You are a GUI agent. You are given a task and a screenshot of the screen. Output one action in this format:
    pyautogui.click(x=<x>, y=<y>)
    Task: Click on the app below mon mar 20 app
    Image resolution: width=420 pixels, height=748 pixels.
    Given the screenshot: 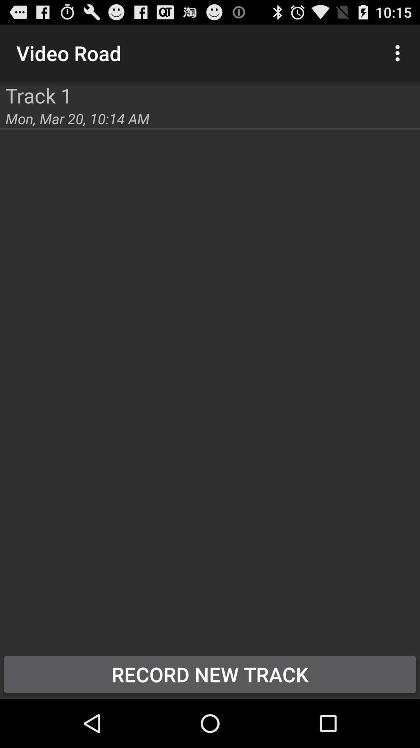 What is the action you would take?
    pyautogui.click(x=210, y=674)
    